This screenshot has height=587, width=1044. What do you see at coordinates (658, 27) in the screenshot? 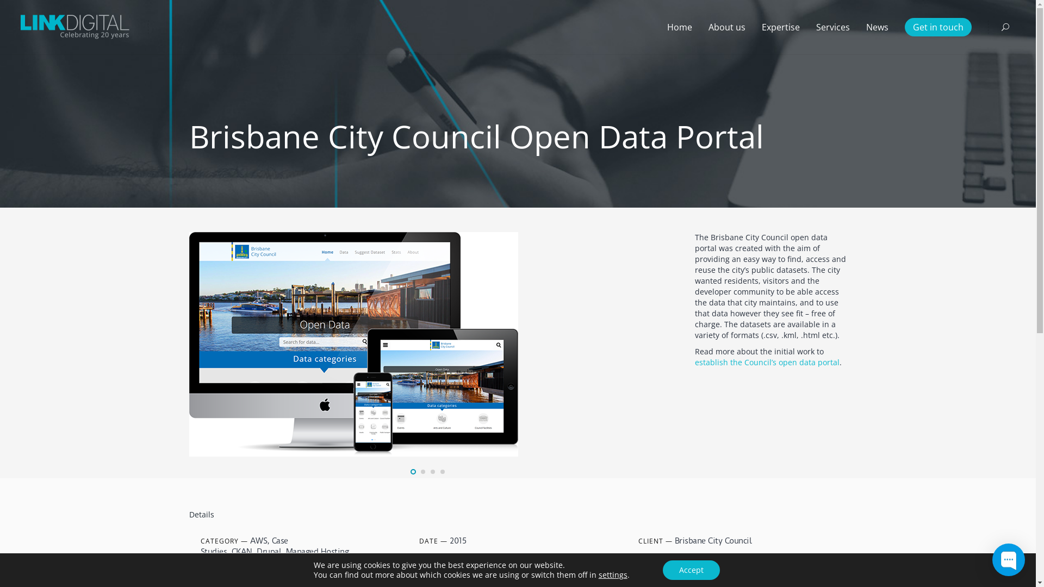
I see `'Home'` at bounding box center [658, 27].